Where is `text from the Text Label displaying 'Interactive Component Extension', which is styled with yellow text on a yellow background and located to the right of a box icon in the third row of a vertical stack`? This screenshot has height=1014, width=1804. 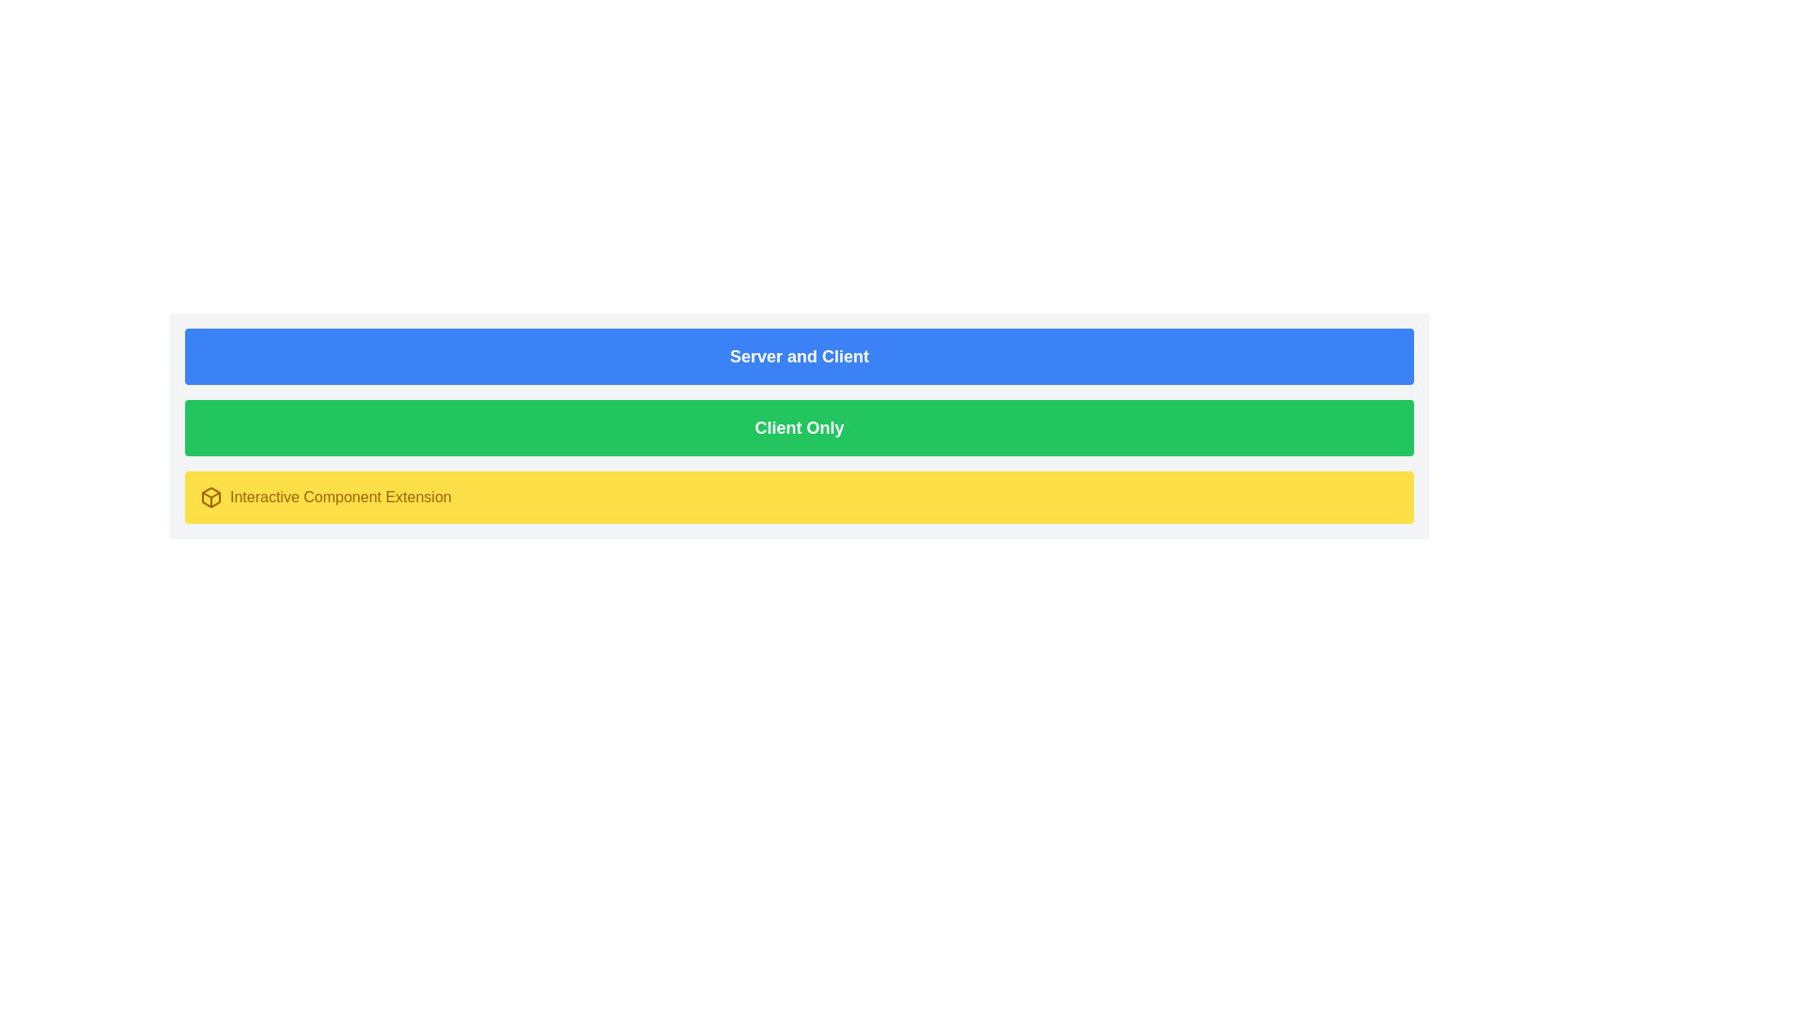 text from the Text Label displaying 'Interactive Component Extension', which is styled with yellow text on a yellow background and located to the right of a box icon in the third row of a vertical stack is located at coordinates (340, 496).